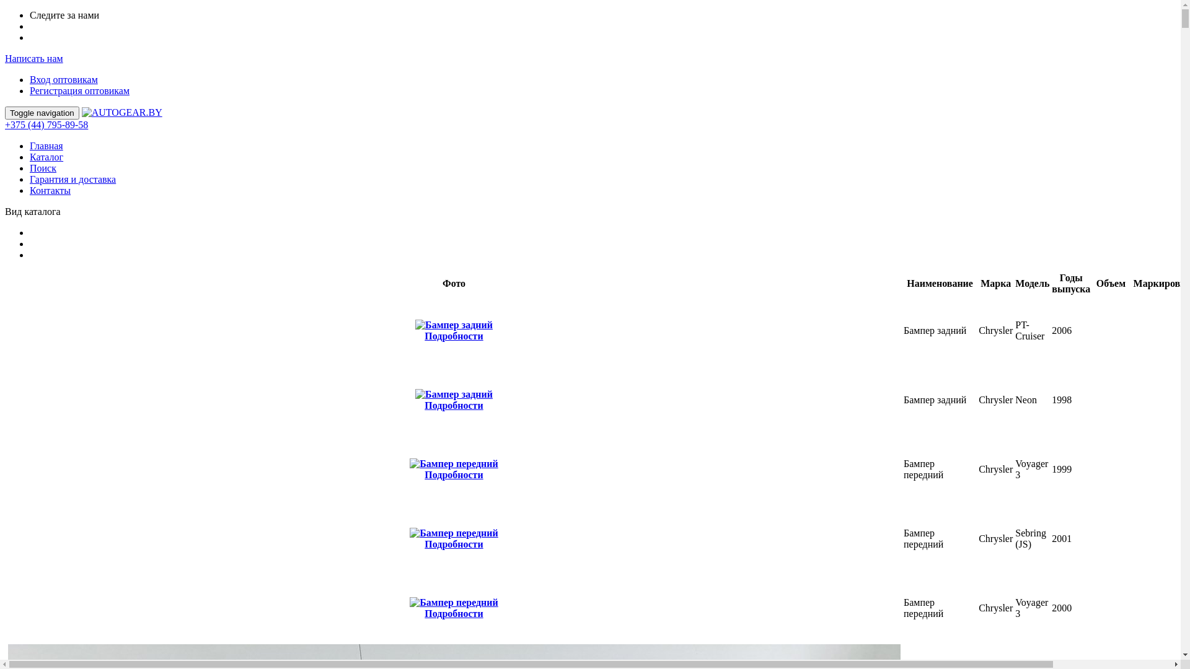  Describe the element at coordinates (42, 113) in the screenshot. I see `'Toggle navigation'` at that location.